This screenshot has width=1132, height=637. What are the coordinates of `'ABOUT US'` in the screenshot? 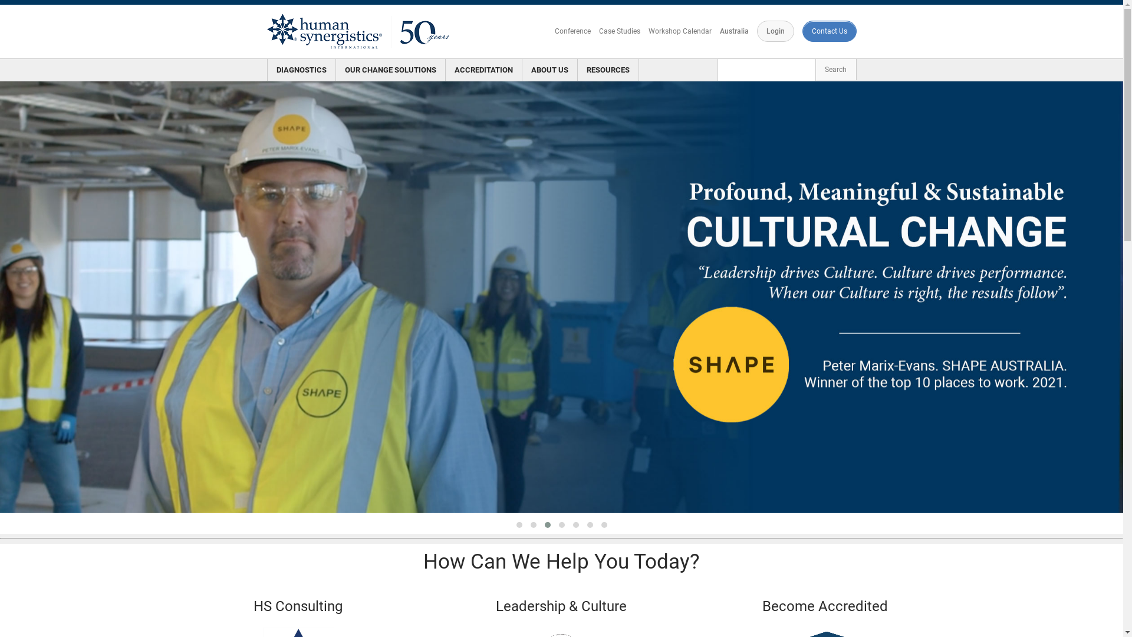 It's located at (549, 70).